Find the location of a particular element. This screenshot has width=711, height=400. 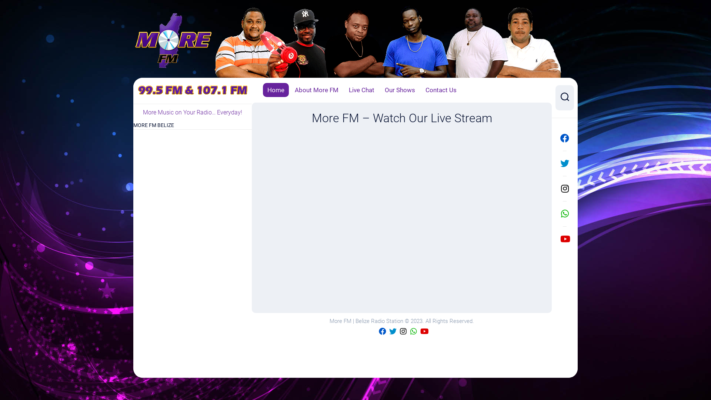

'Home' is located at coordinates (275, 90).